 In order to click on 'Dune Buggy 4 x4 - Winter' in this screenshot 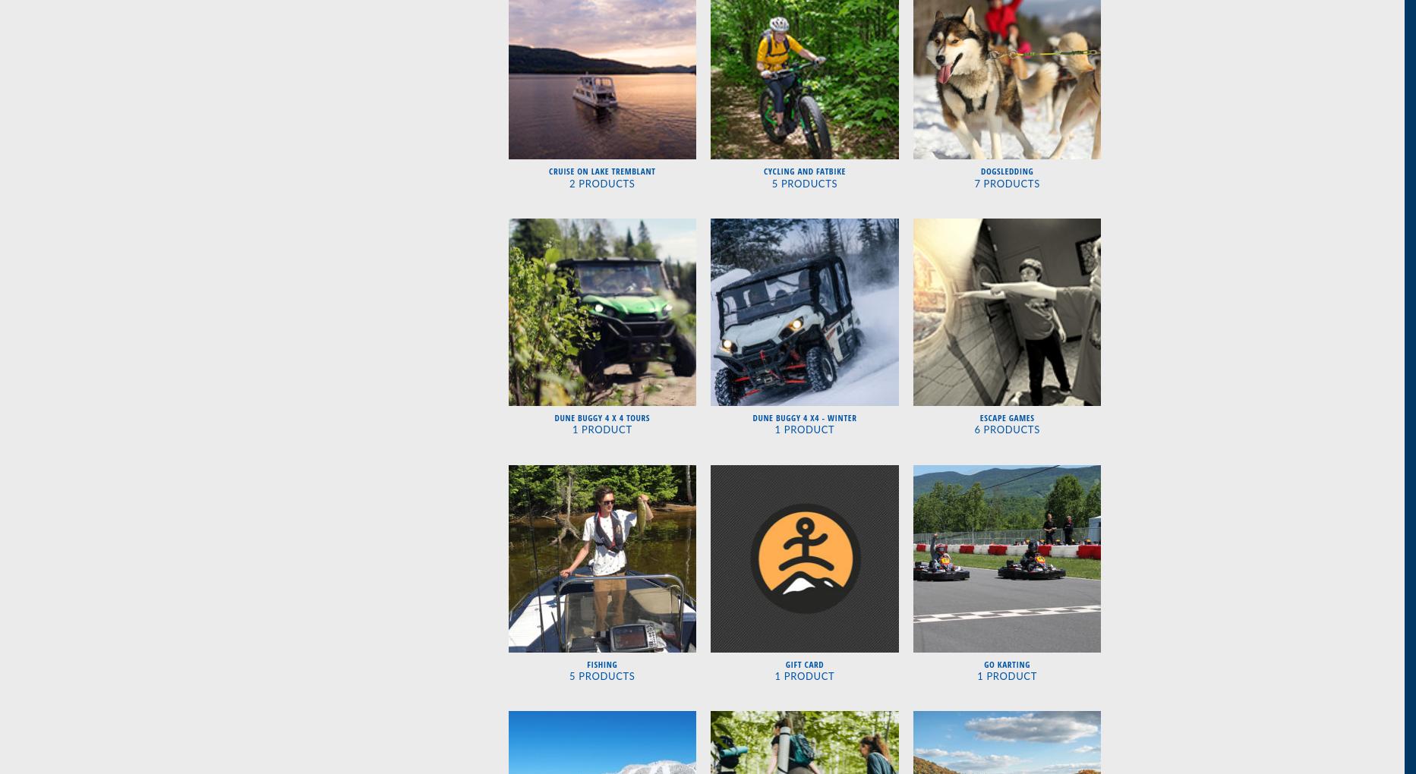, I will do `click(804, 417)`.